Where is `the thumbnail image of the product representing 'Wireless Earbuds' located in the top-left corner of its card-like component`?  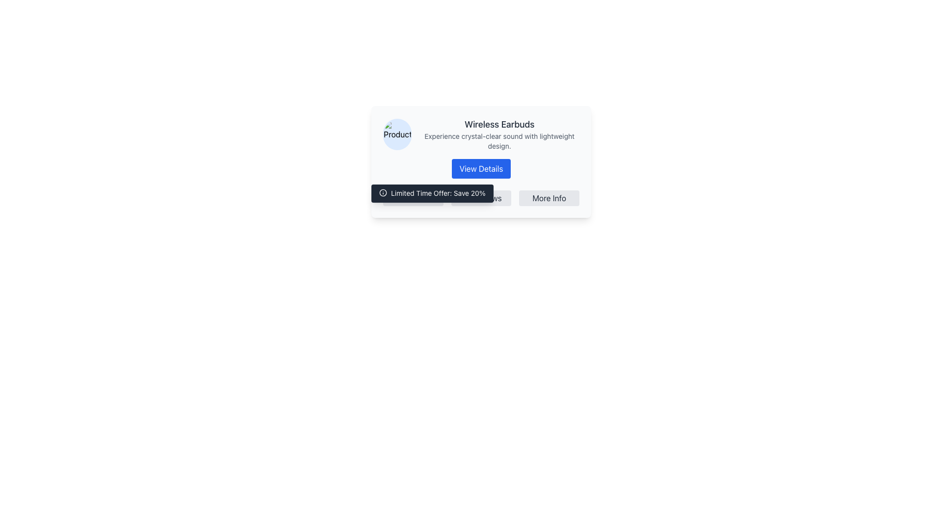 the thumbnail image of the product representing 'Wireless Earbuds' located in the top-left corner of its card-like component is located at coordinates (397, 134).